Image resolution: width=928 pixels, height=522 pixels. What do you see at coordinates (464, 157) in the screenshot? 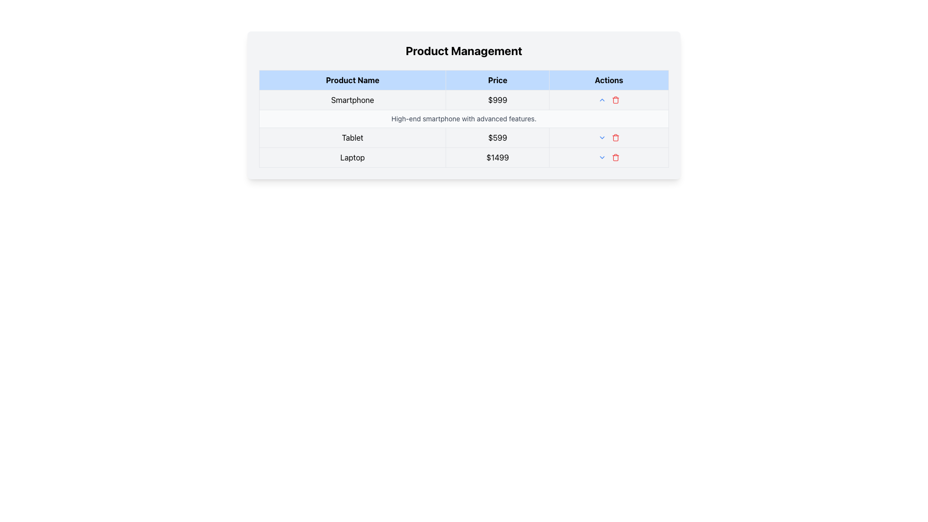
I see `the third row of the table that displays the product 'Laptop'` at bounding box center [464, 157].